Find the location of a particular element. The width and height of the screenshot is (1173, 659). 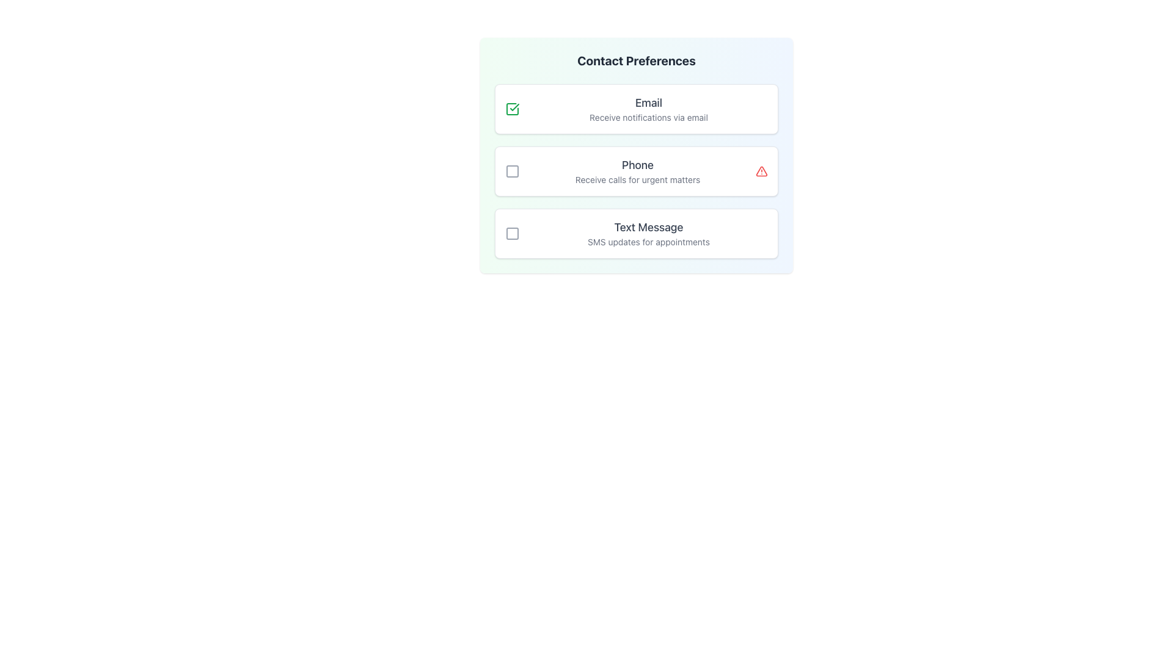

the static text label that reads 'Receive calls for urgent matters,' which is styled in a smaller gray font and positioned beneath the bolded 'Phone' title is located at coordinates (637, 179).